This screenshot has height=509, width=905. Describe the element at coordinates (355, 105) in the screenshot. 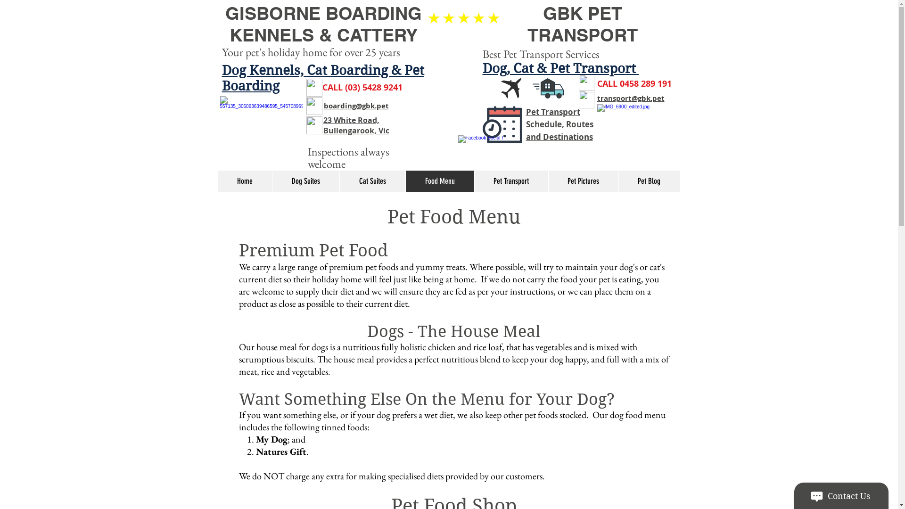

I see `'boarding@gbk.pet'` at that location.